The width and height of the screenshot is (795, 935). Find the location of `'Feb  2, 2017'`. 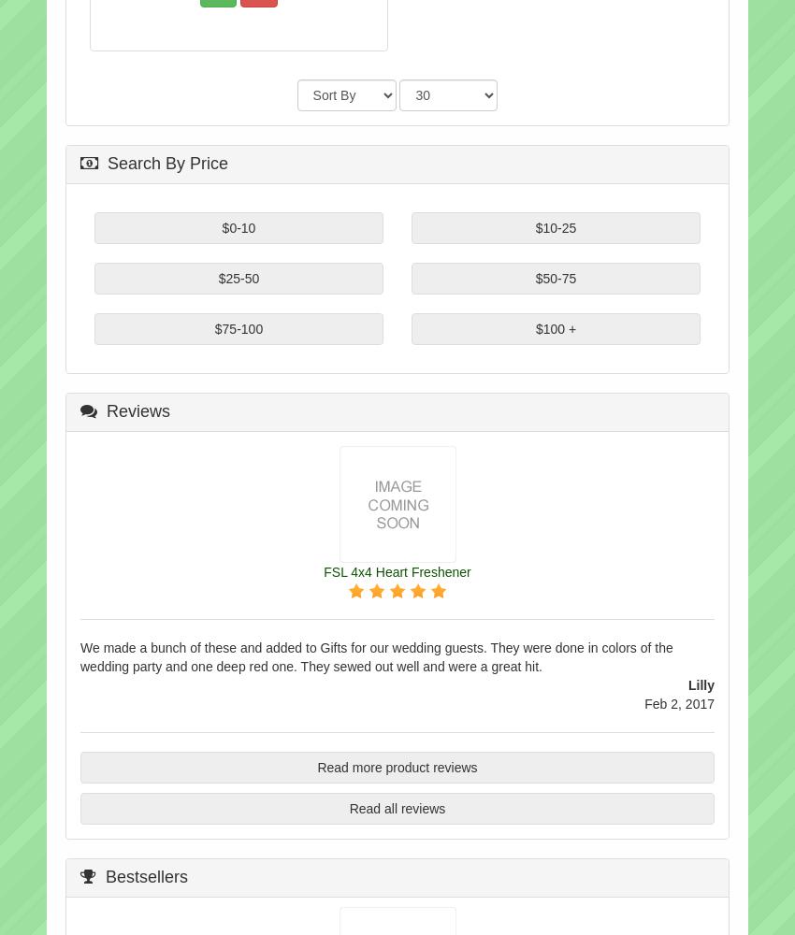

'Feb  2, 2017' is located at coordinates (679, 703).